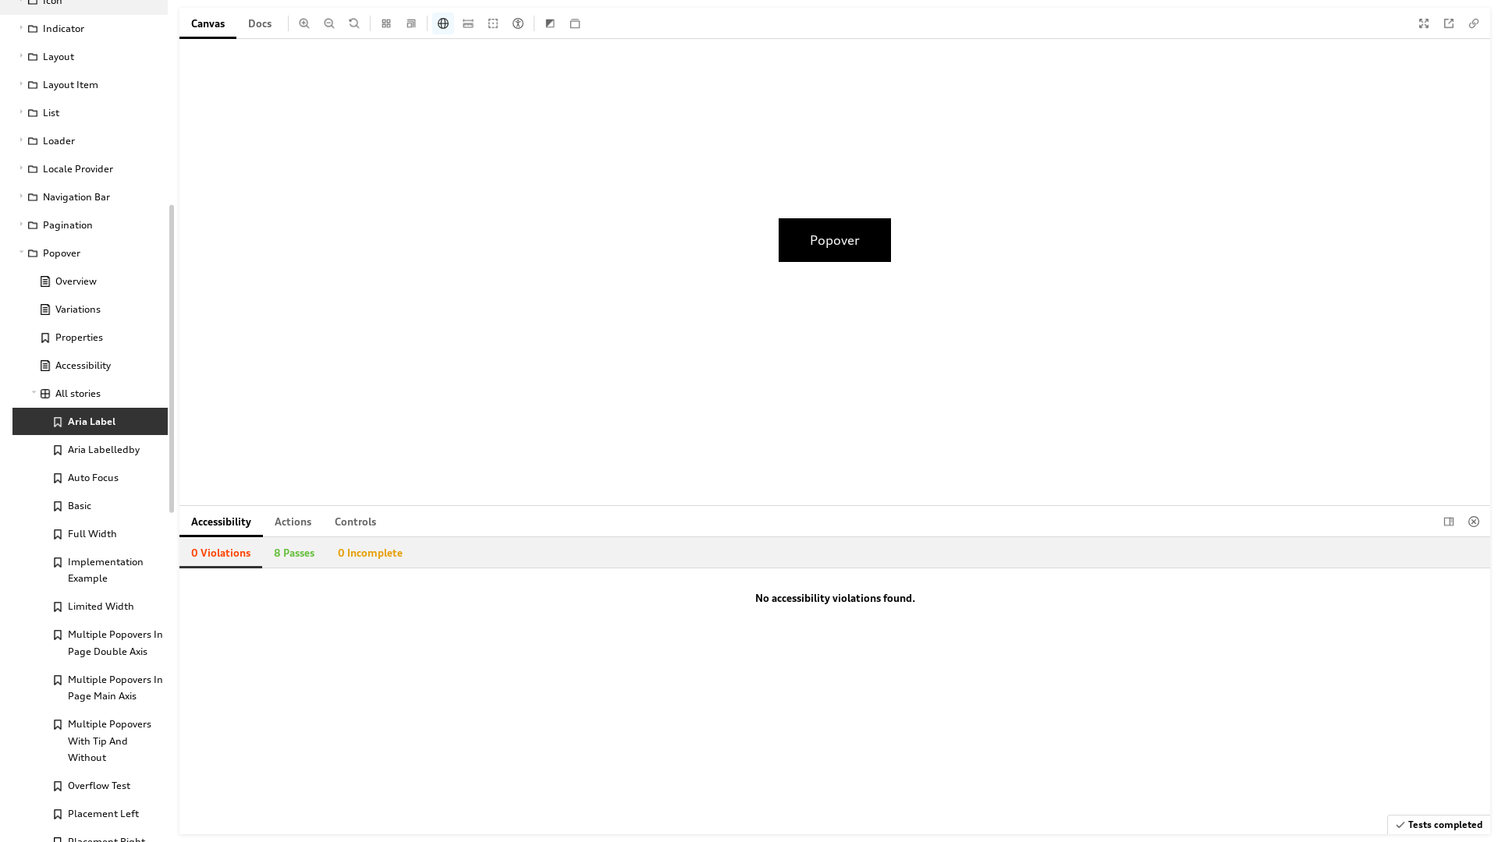 The height and width of the screenshot is (842, 1498). I want to click on 'Aria Label', so click(89, 421).